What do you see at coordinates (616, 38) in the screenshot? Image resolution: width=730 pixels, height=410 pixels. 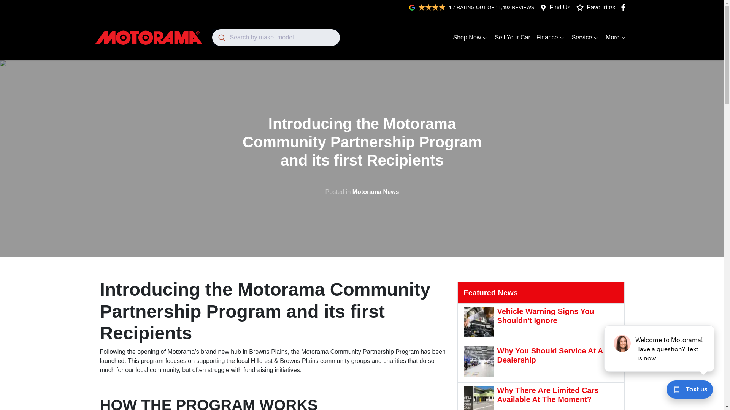 I see `'More'` at bounding box center [616, 38].